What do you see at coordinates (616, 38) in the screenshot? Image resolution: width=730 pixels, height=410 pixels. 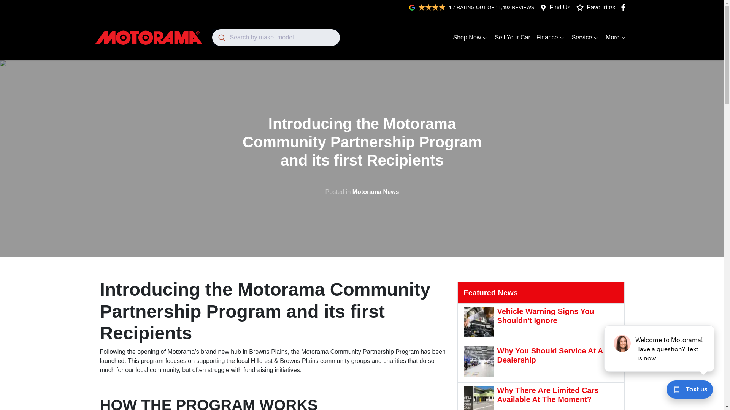 I see `'More'` at bounding box center [616, 38].